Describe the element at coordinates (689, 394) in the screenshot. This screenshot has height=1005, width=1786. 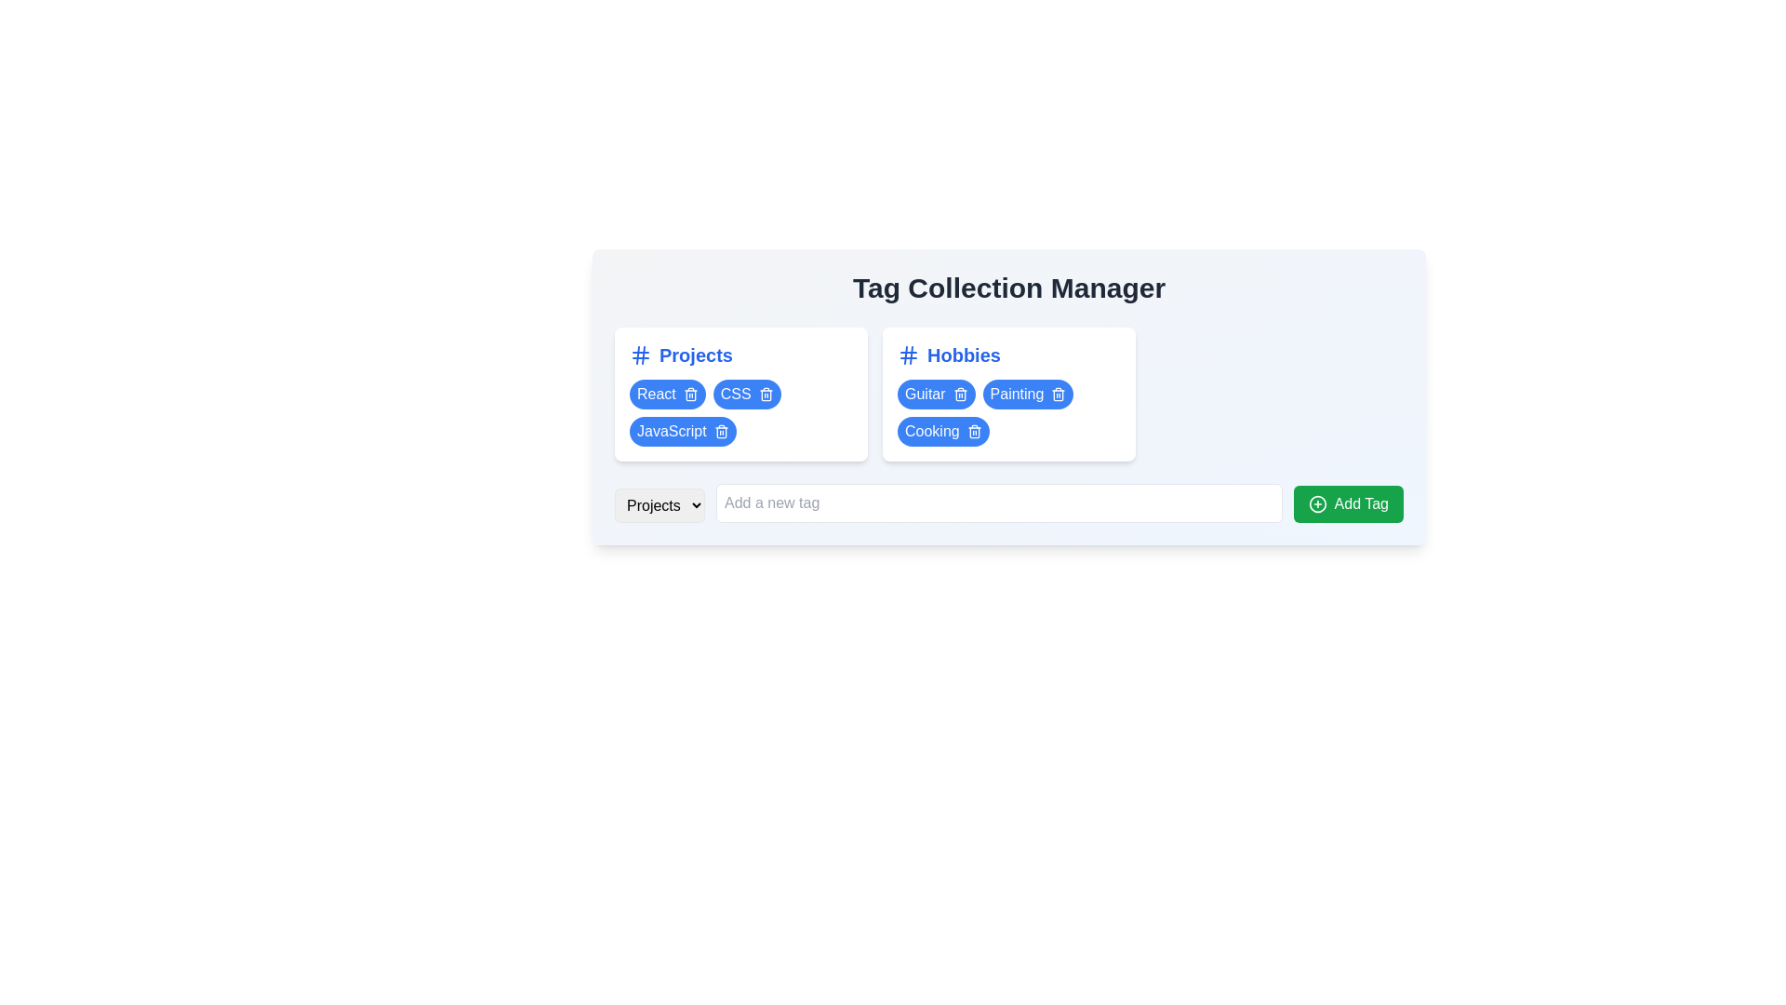
I see `the delete button next to the 'React' tag within the blue rounded tag under the 'Projects' category for visual feedback` at that location.